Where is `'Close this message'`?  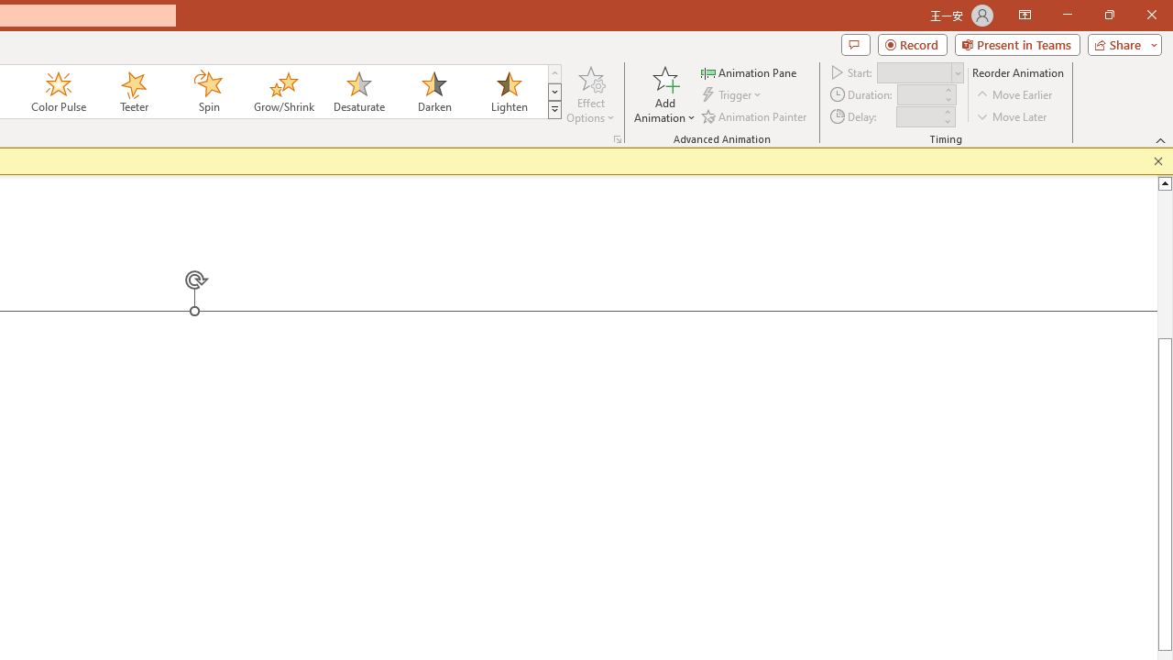 'Close this message' is located at coordinates (1157, 160).